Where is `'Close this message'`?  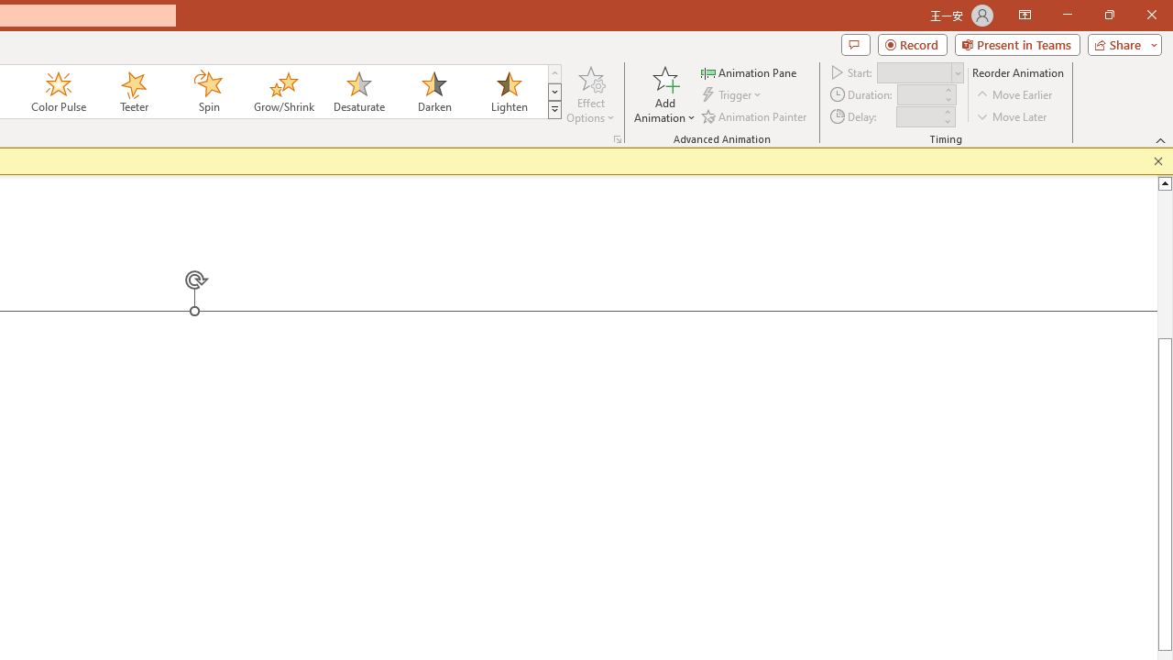 'Close this message' is located at coordinates (1157, 160).